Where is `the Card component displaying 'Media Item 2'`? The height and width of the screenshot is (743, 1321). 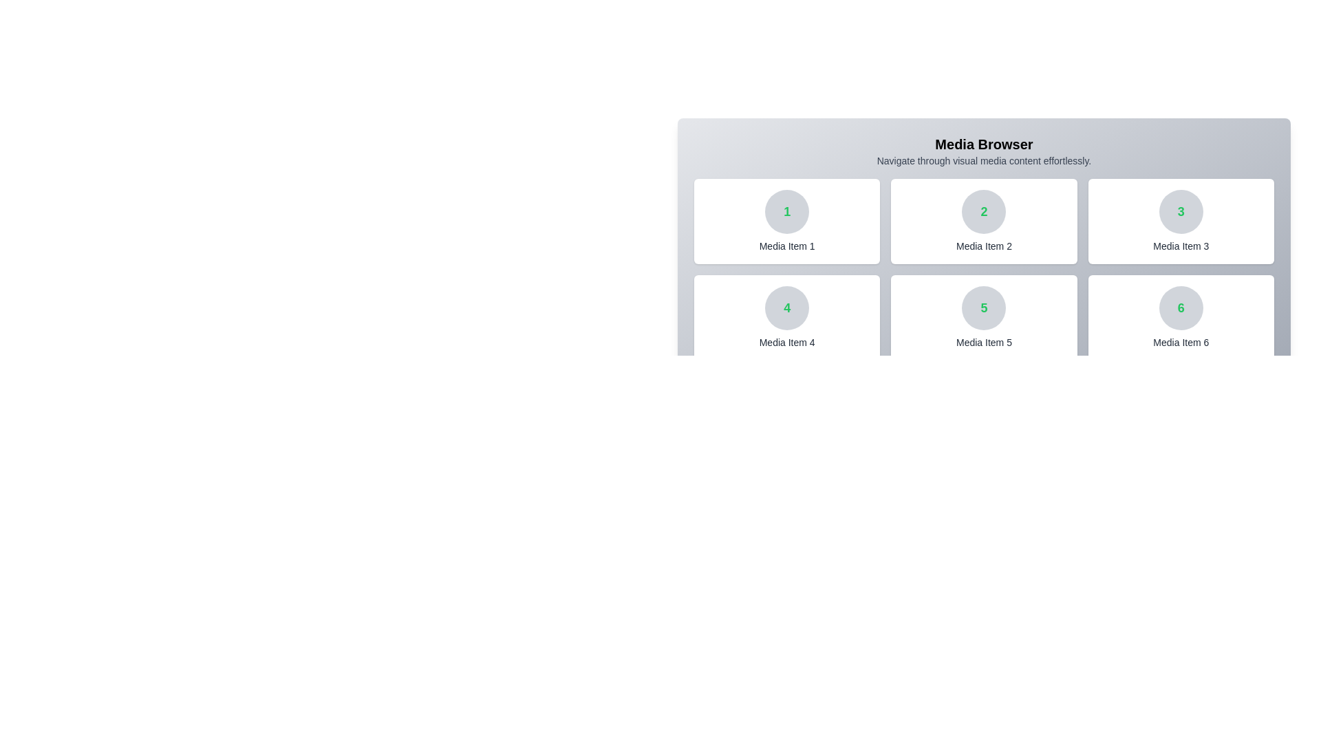 the Card component displaying 'Media Item 2' is located at coordinates (983, 220).